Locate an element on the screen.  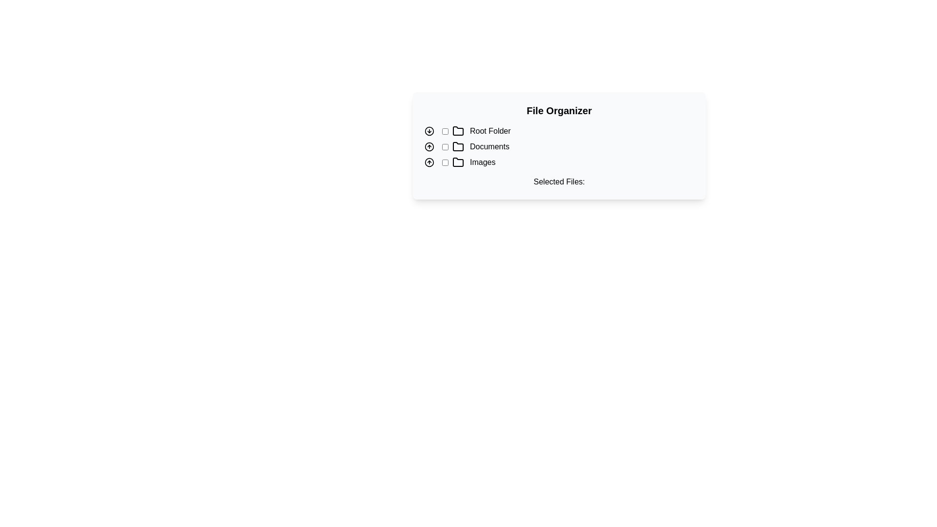
the decorative icon that is the third in a vertical list, located to the left of the 'Images' folder label in the 'File Organizer' interface is located at coordinates (429, 162).